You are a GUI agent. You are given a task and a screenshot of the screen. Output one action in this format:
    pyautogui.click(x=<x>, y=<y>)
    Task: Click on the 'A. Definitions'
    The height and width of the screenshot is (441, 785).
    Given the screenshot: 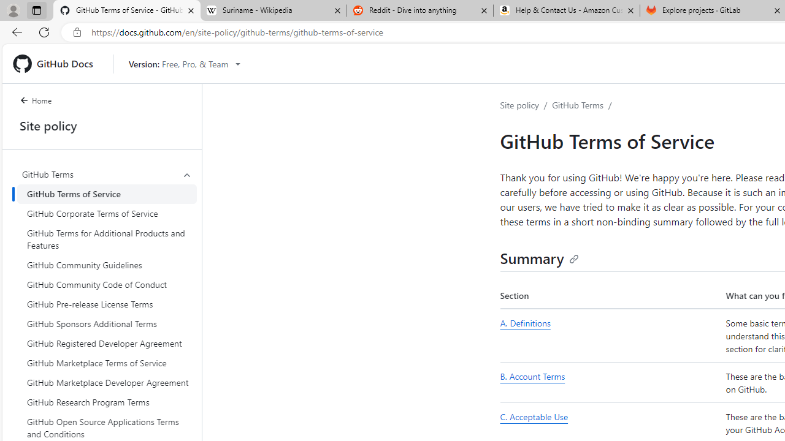 What is the action you would take?
    pyautogui.click(x=610, y=336)
    